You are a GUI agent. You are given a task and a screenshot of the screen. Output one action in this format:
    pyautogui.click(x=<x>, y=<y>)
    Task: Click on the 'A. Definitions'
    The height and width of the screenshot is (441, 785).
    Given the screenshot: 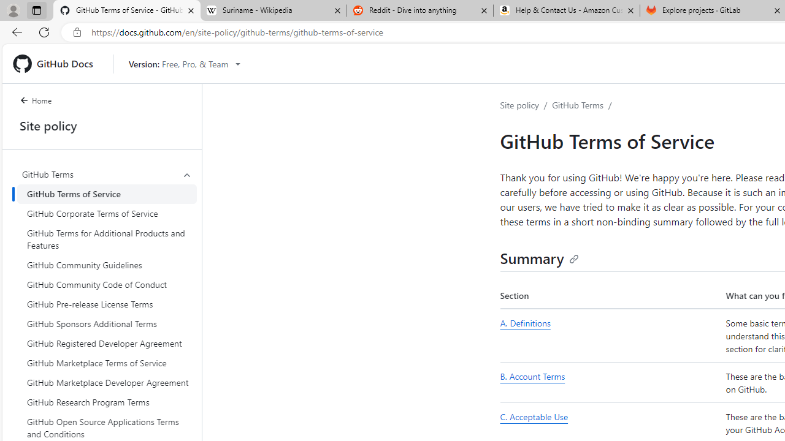 What is the action you would take?
    pyautogui.click(x=610, y=336)
    